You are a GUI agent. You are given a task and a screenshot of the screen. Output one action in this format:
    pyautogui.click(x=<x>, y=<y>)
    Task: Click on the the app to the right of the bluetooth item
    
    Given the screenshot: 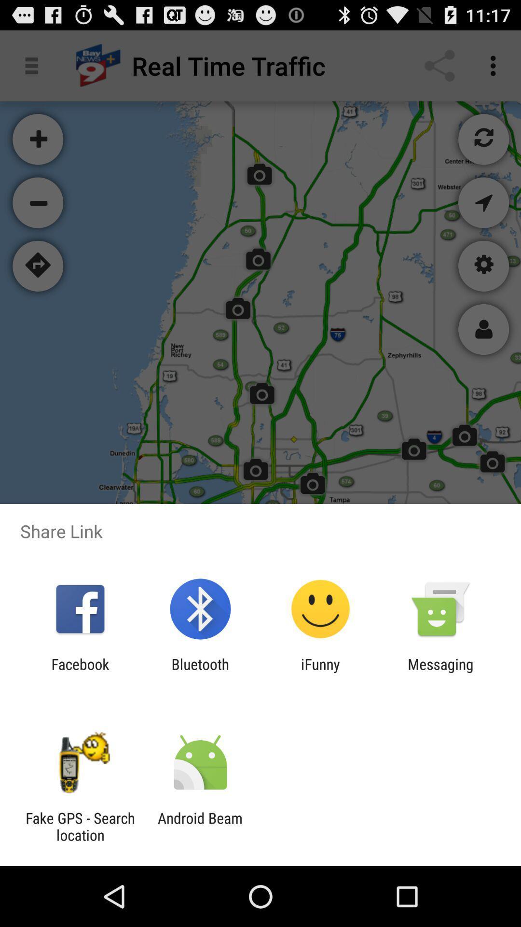 What is the action you would take?
    pyautogui.click(x=320, y=672)
    